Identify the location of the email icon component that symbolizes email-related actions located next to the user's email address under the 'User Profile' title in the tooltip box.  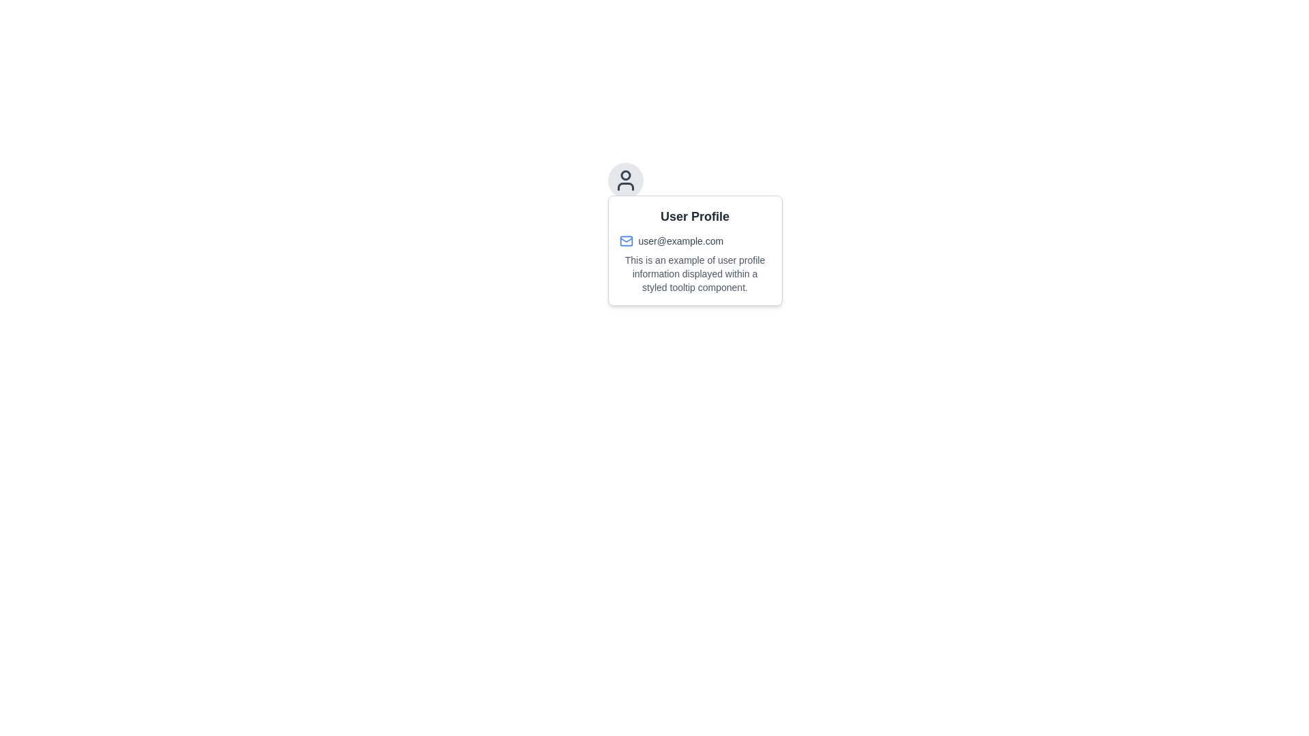
(625, 241).